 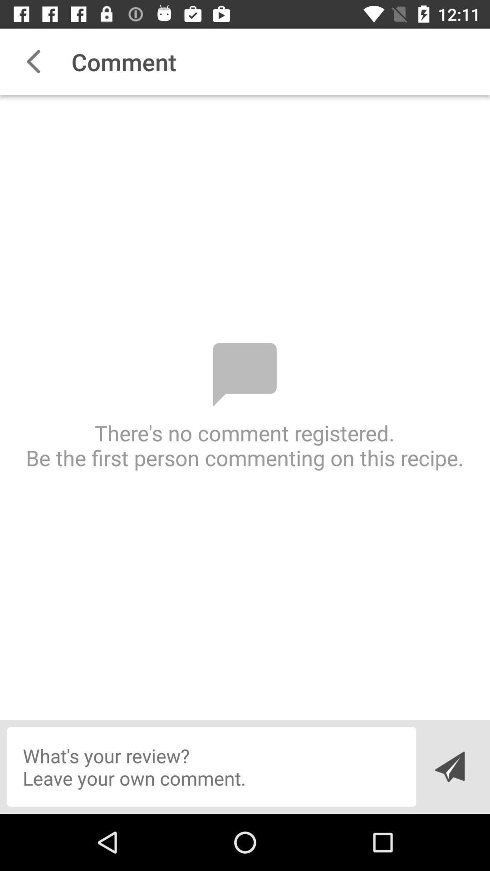 I want to click on item above there s no item, so click(x=33, y=61).